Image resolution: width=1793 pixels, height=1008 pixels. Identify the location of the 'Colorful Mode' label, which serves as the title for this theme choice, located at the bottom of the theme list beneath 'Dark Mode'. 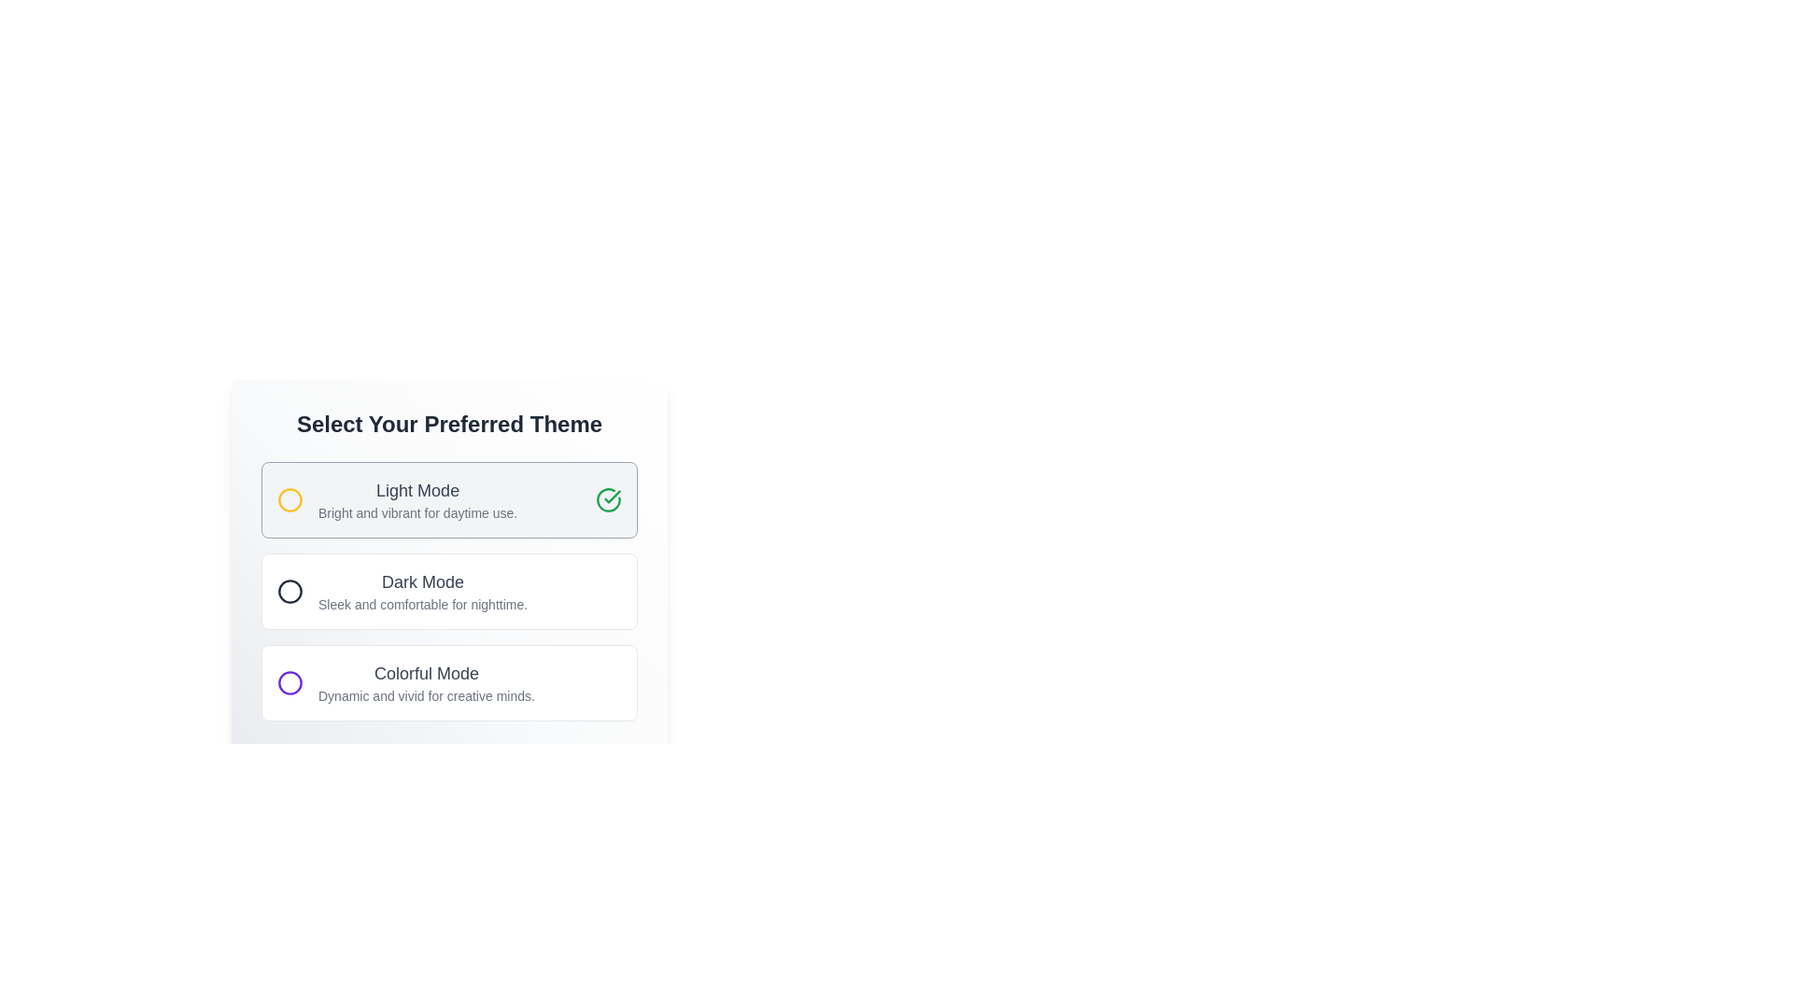
(425, 673).